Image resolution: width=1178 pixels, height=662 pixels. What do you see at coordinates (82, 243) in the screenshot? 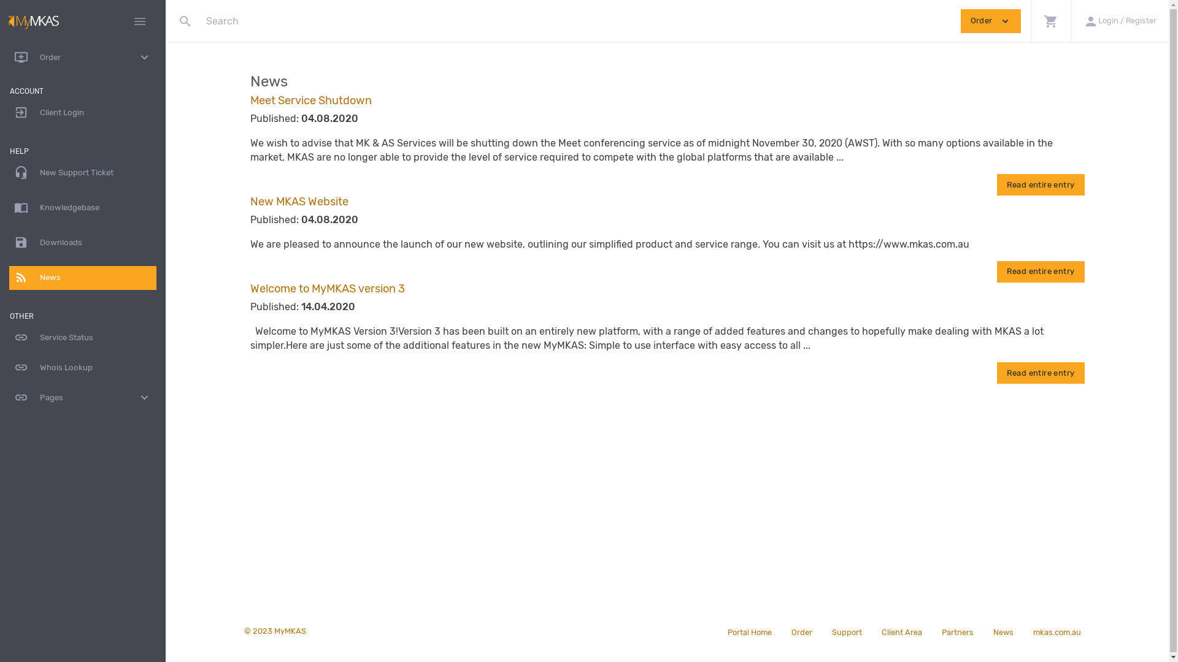
I see `'save Downloads'` at bounding box center [82, 243].